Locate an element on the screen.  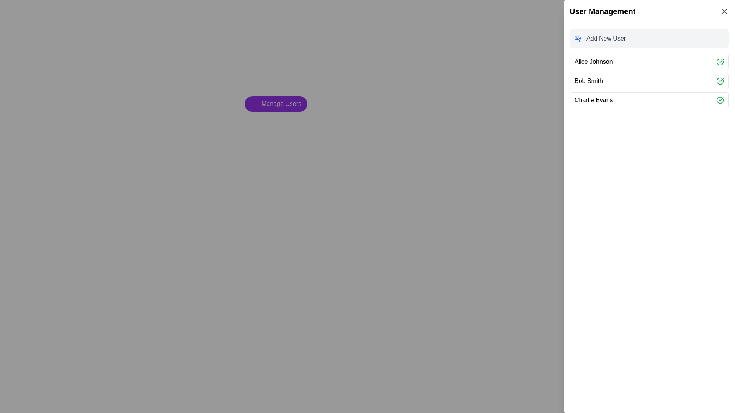
the close button located in the top-right corner of the User Management panel header, next to the title 'User Management', to trigger a hover effect is located at coordinates (724, 11).